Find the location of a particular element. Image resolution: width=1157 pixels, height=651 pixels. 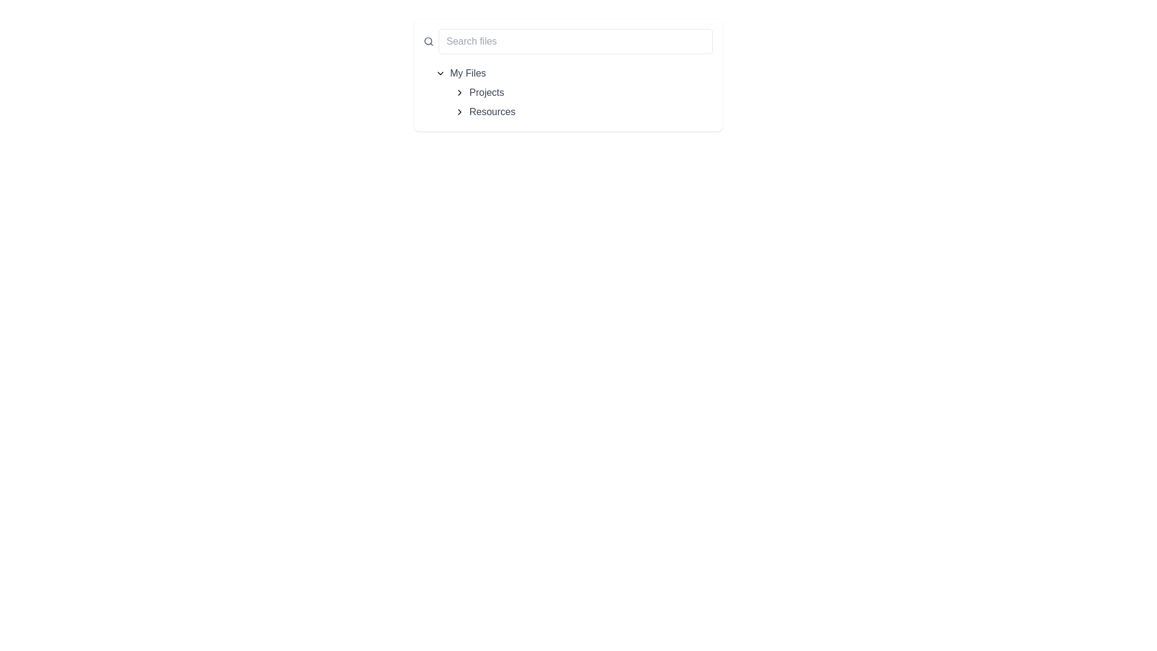

the circular search icon element located to the left of the 'Search files' input field, despite its non-interactive appearance is located at coordinates (428, 40).